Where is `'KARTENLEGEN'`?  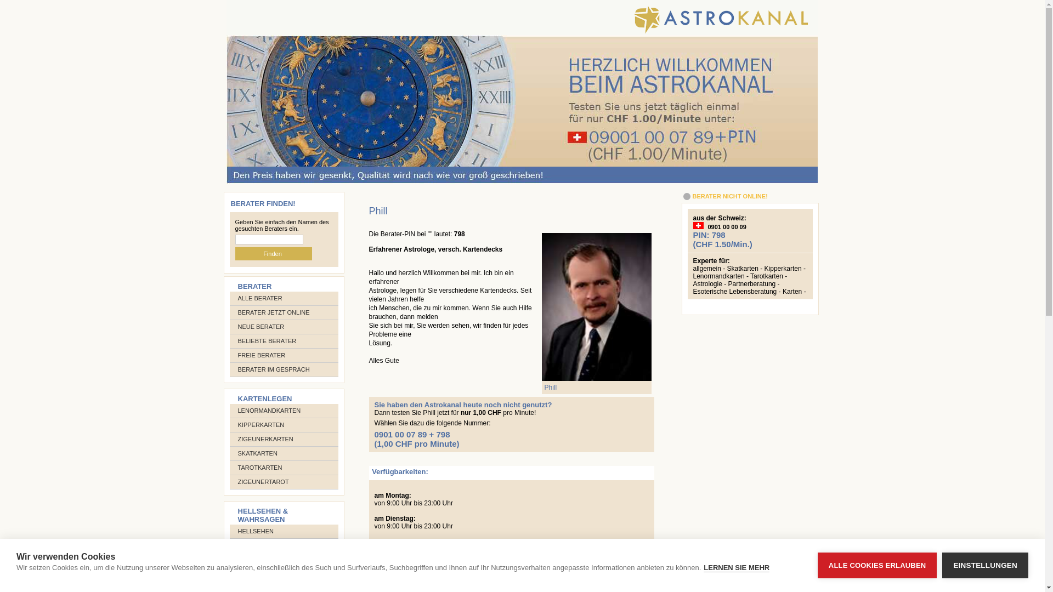 'KARTENLEGEN' is located at coordinates (237, 399).